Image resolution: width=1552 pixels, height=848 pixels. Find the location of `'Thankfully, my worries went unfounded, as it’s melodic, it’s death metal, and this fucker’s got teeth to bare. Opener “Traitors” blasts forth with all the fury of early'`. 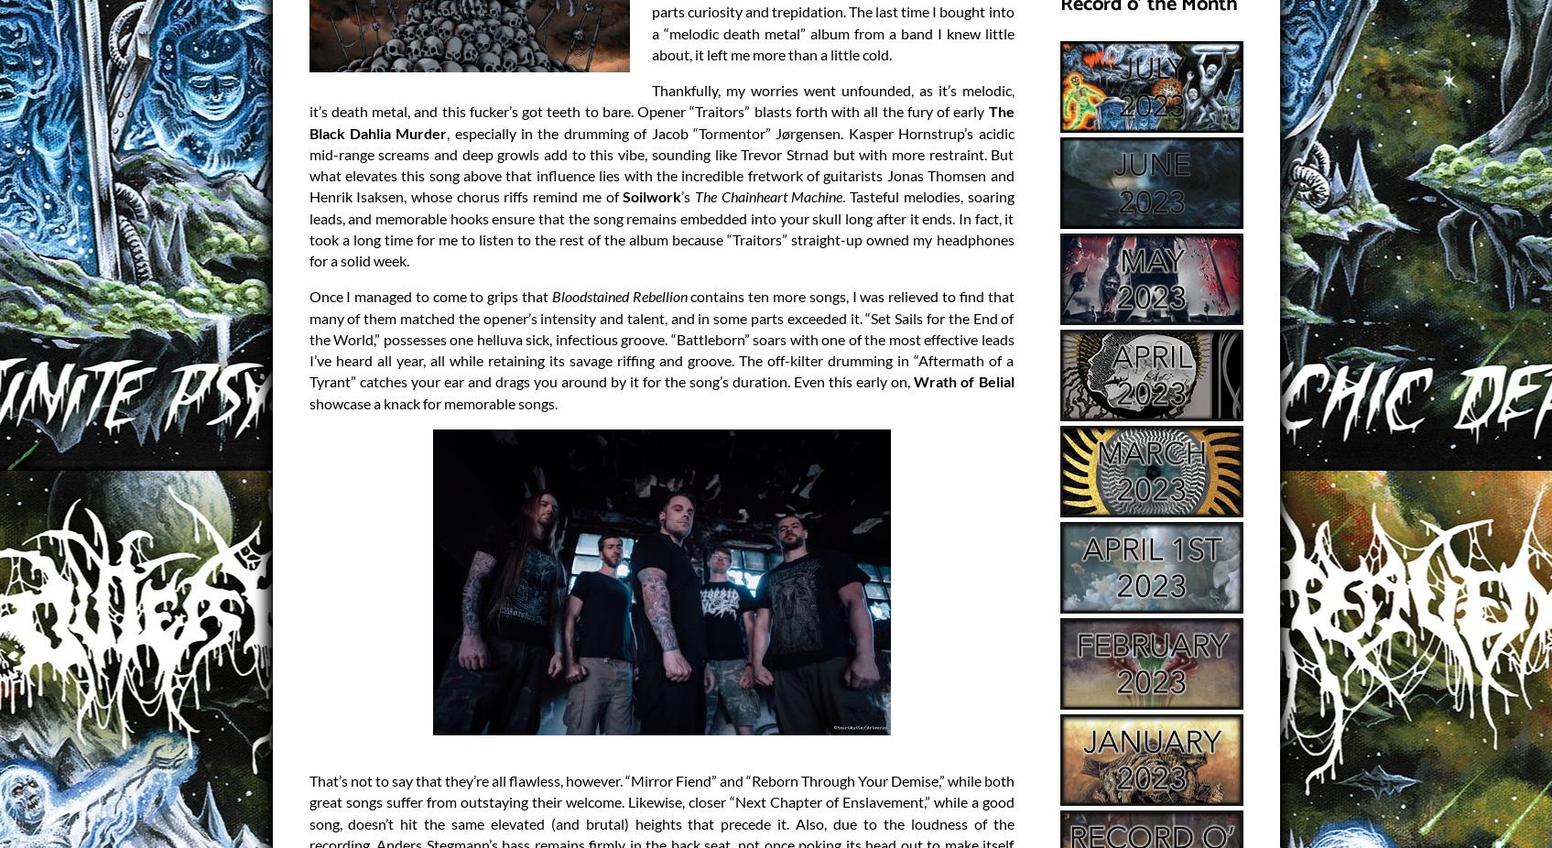

'Thankfully, my worries went unfounded, as it’s melodic, it’s death metal, and this fucker’s got teeth to bare. Opener “Traitors” blasts forth with all the fury of early' is located at coordinates (660, 100).